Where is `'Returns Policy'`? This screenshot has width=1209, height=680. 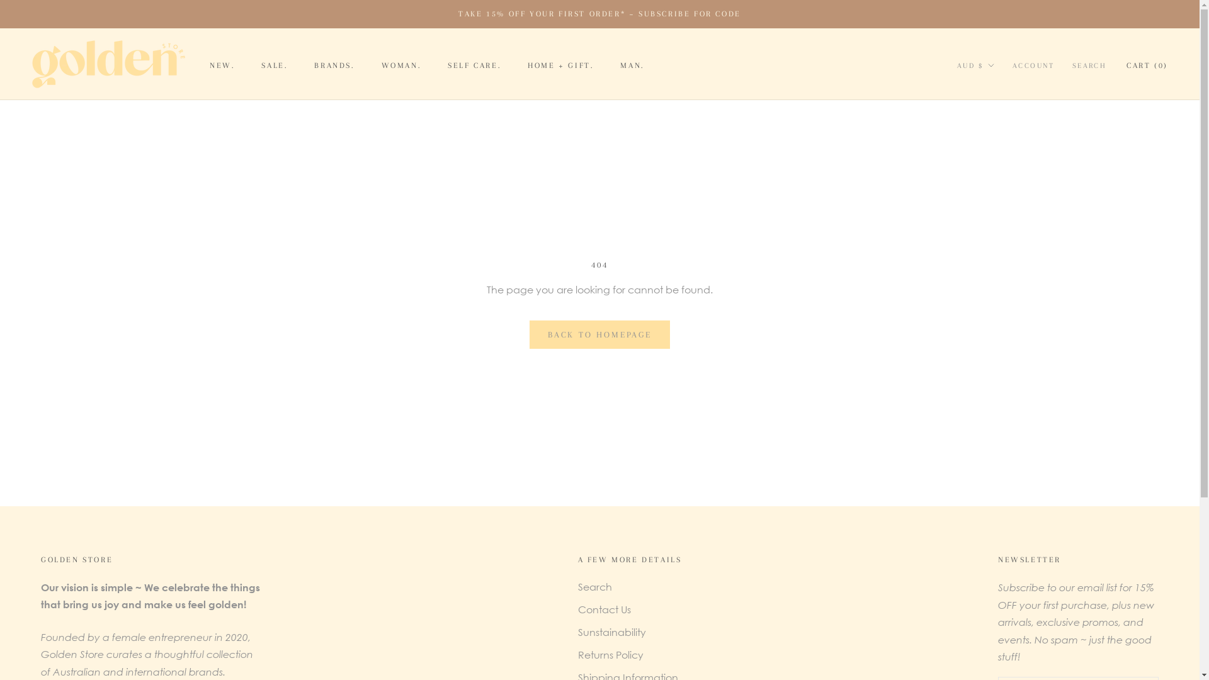 'Returns Policy' is located at coordinates (630, 654).